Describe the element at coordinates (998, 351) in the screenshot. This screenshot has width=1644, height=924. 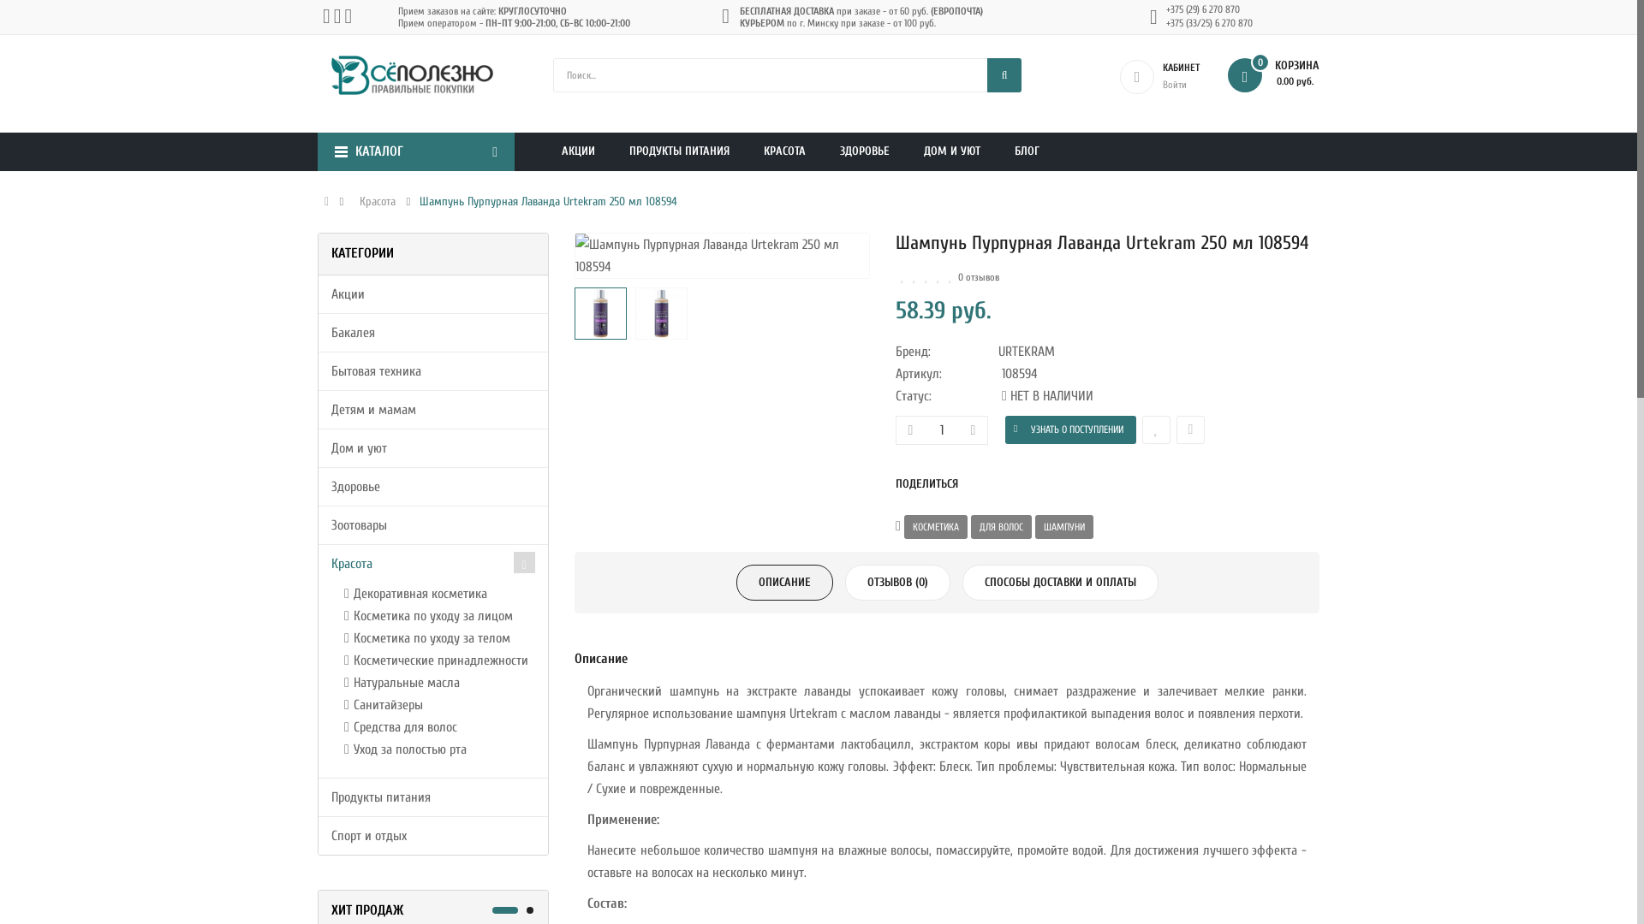
I see `'URTEKRAM'` at that location.